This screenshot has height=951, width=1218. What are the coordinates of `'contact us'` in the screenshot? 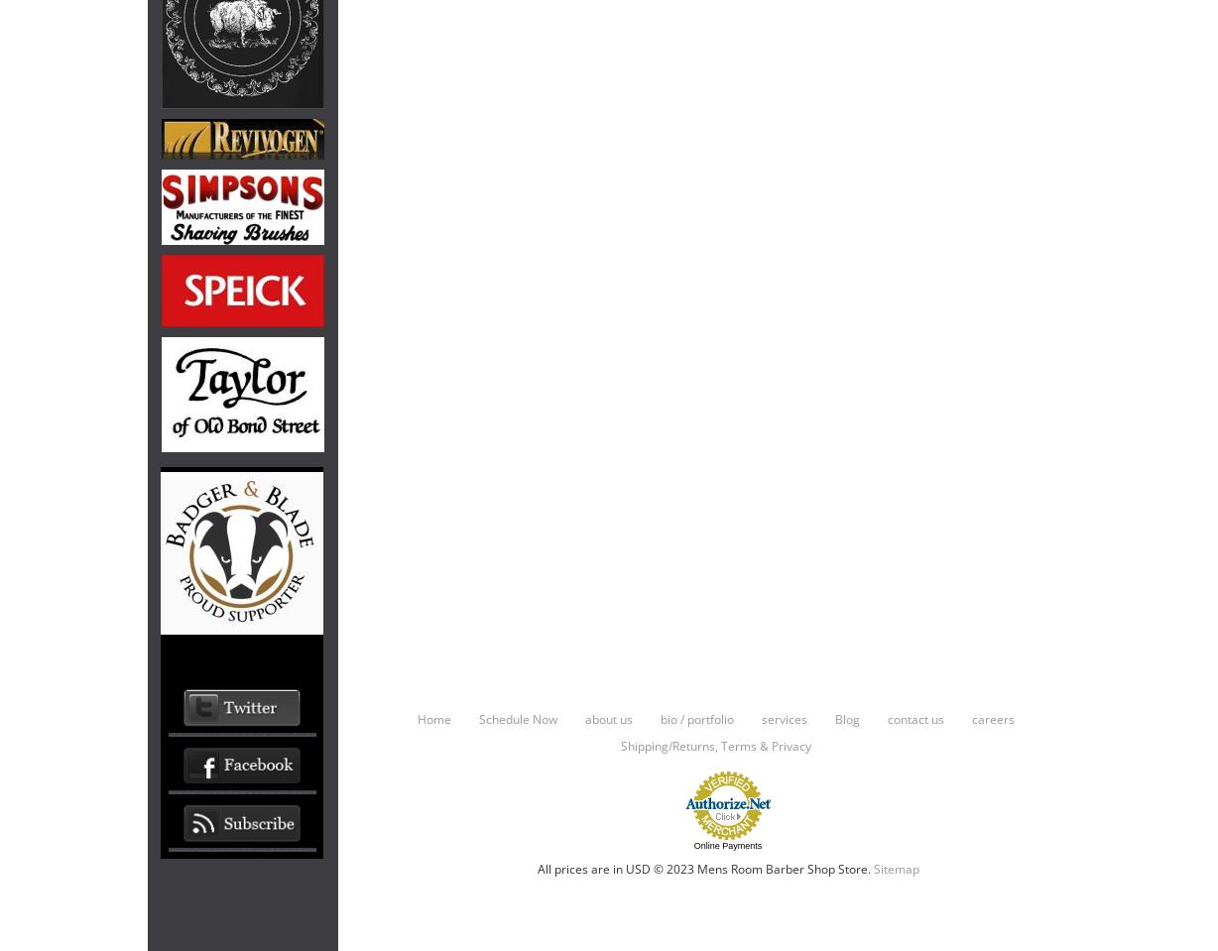 It's located at (914, 717).